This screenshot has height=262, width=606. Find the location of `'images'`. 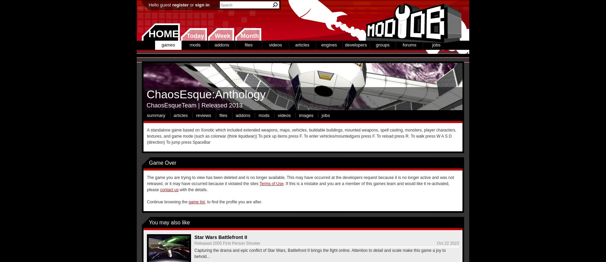

'images' is located at coordinates (306, 115).